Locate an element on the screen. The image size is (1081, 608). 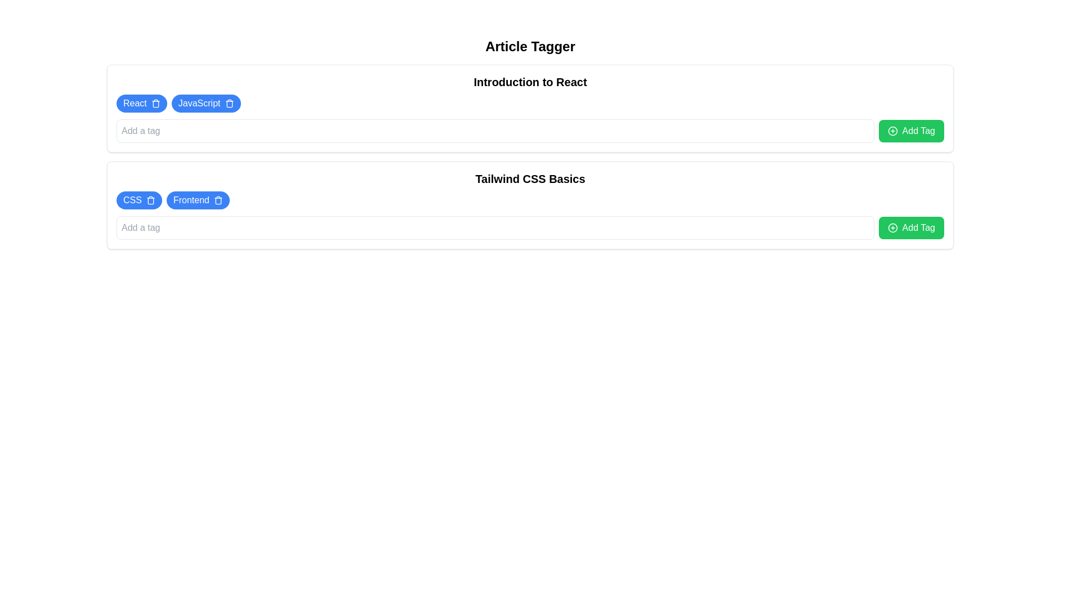
the delete icon next to the 'CSS' tag label is located at coordinates (139, 199).